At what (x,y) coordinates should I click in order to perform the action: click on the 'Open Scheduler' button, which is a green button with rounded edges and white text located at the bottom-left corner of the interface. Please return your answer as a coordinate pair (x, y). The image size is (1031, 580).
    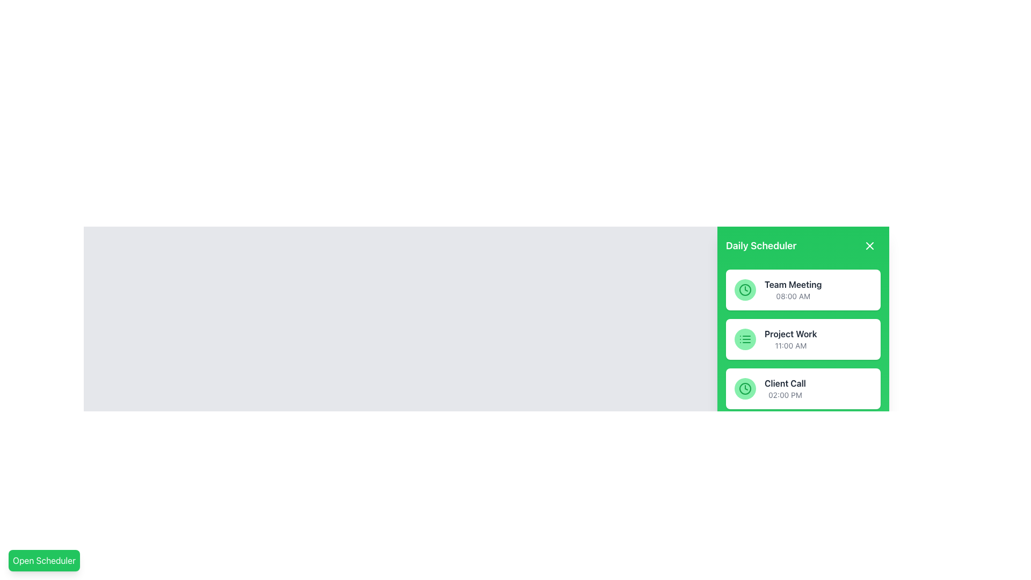
    Looking at the image, I should click on (43, 560).